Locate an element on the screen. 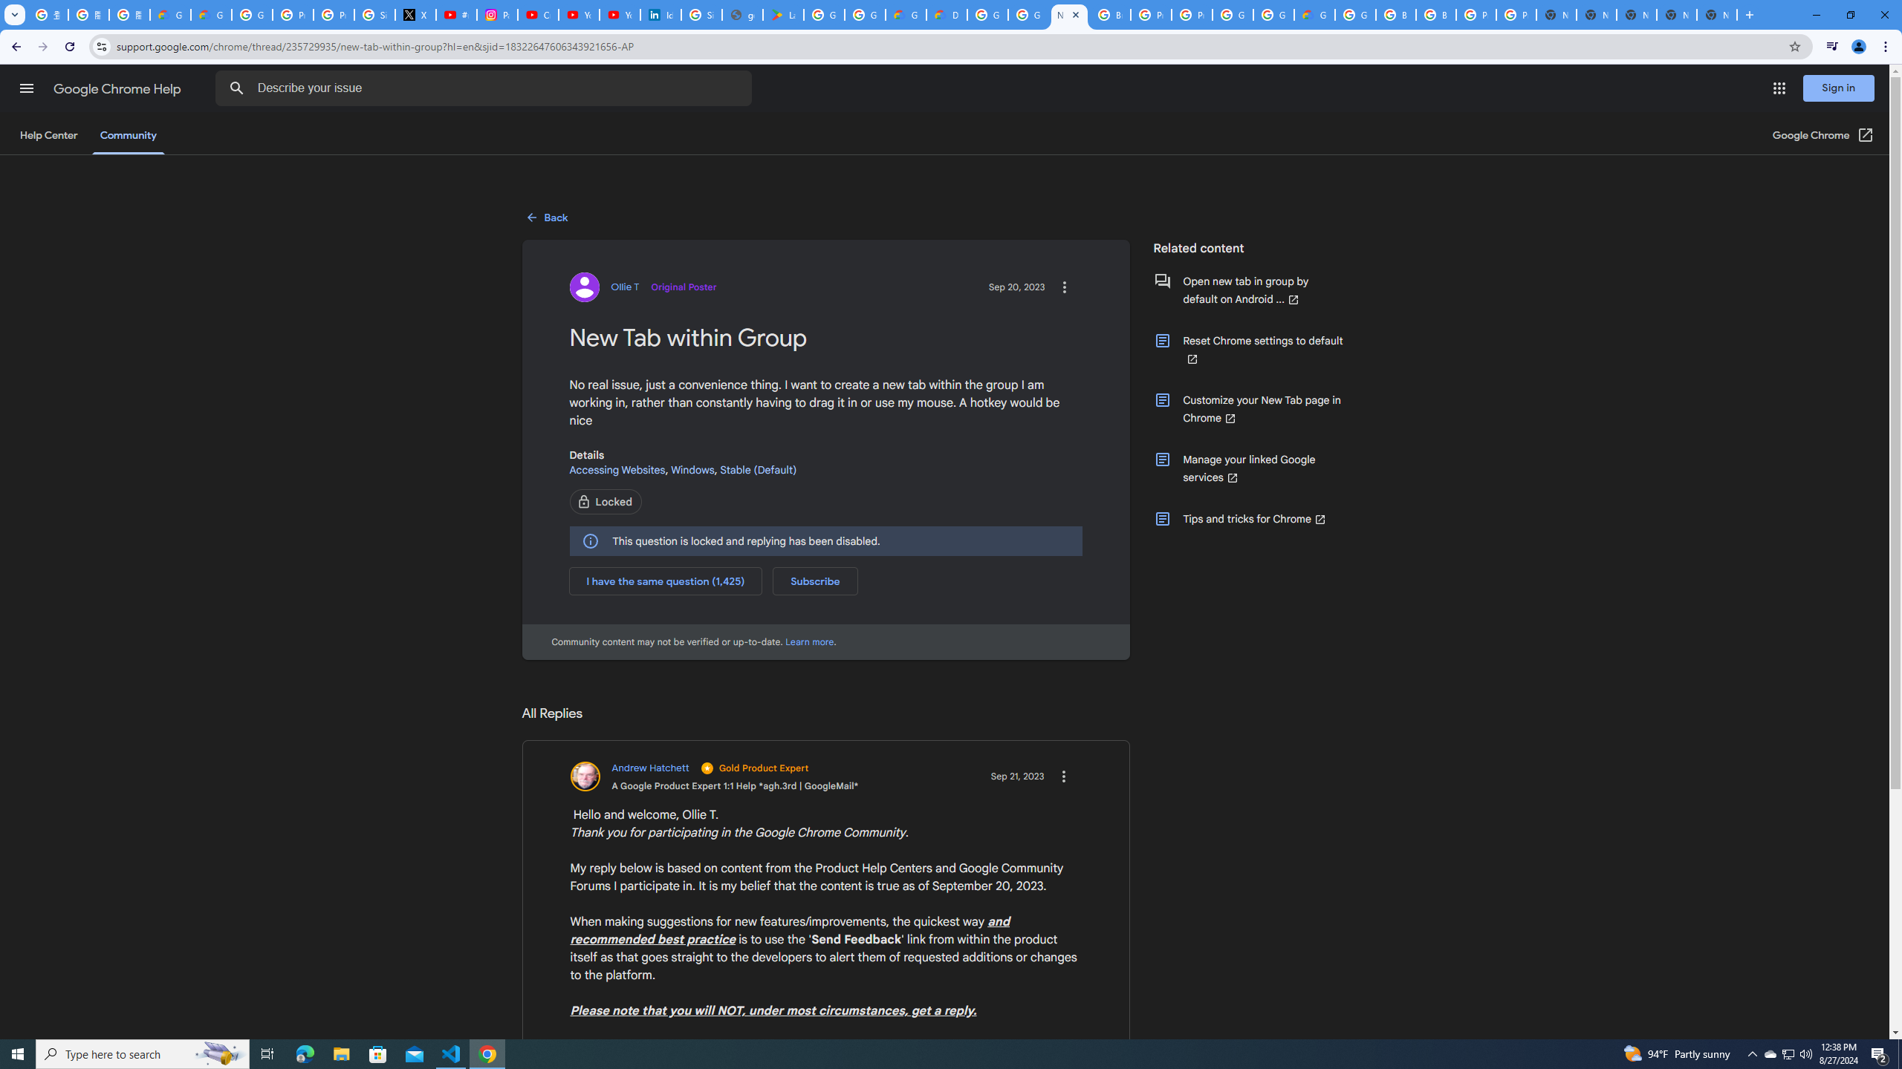 This screenshot has width=1902, height=1069. 'Main menu' is located at coordinates (25, 88).